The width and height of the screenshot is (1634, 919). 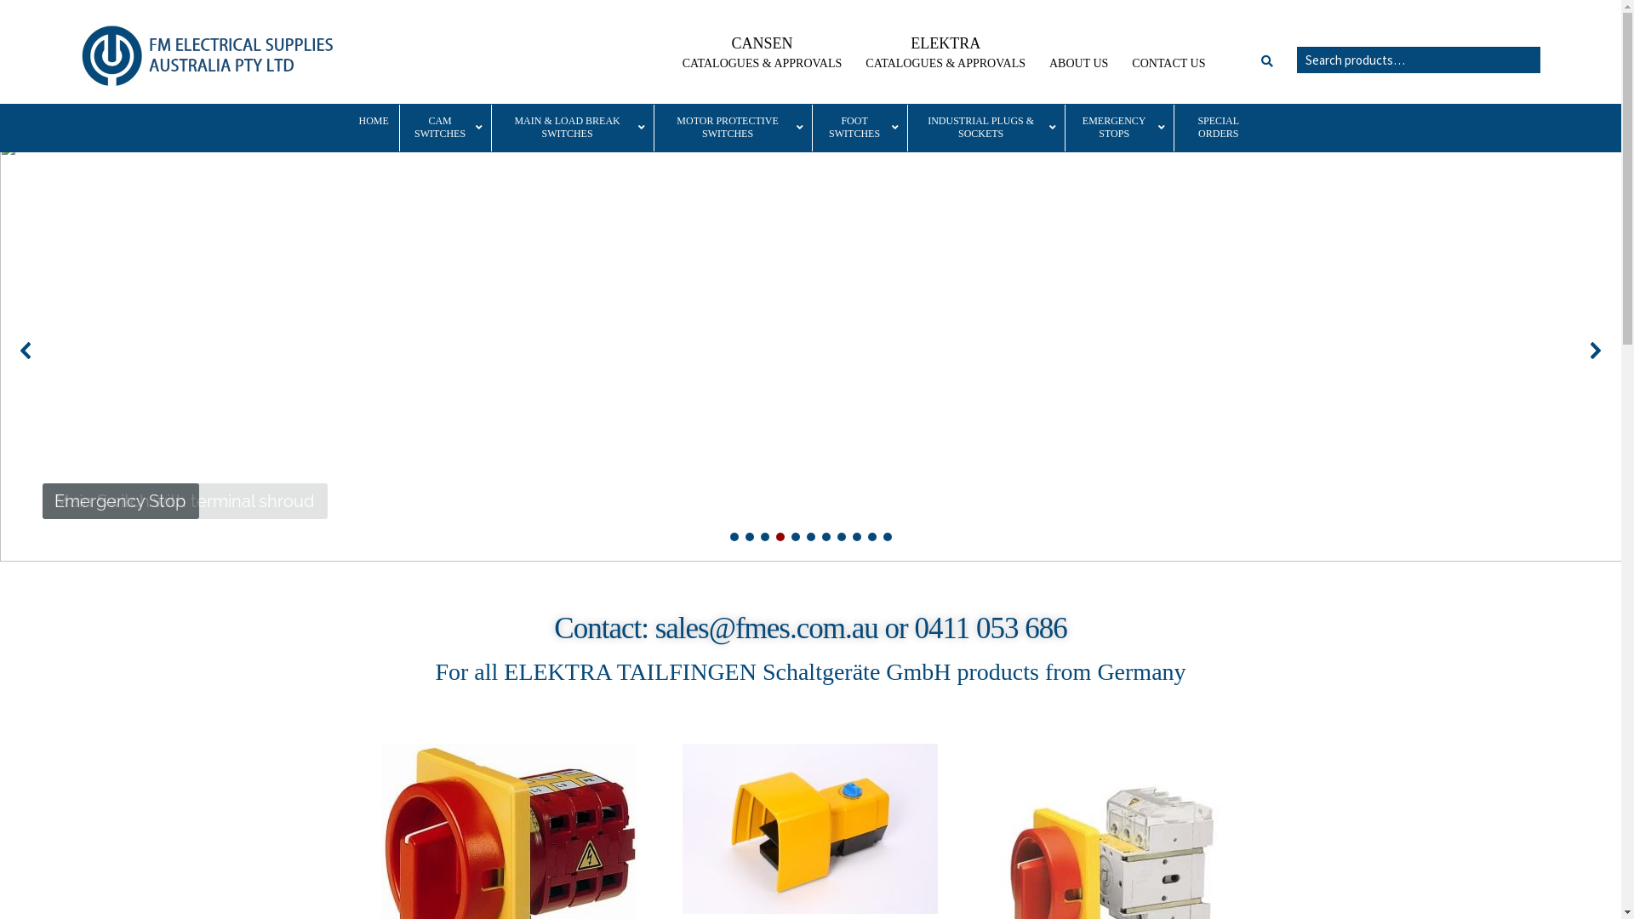 I want to click on 'SPECIAL ORDERS', so click(x=1216, y=127).